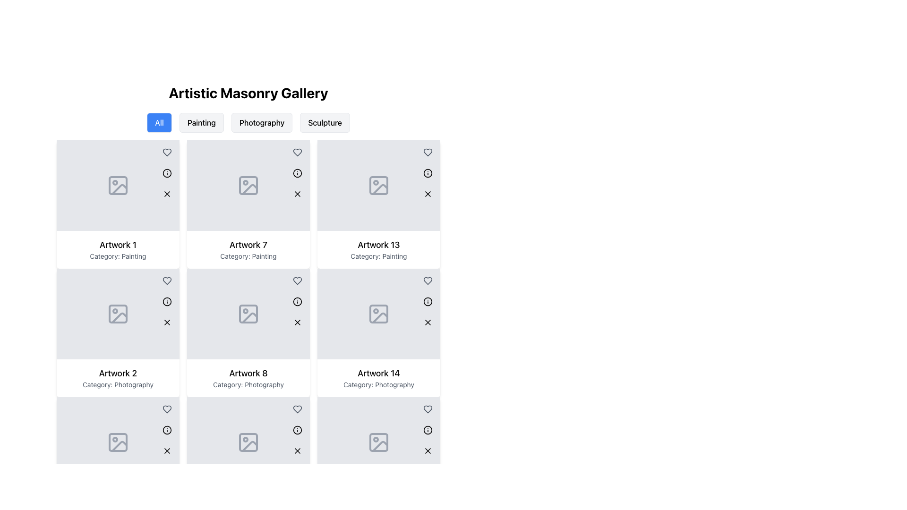 The height and width of the screenshot is (510, 907). What do you see at coordinates (297, 430) in the screenshot?
I see `the tile containing the Interactive Icon Group located in the top-right corner of the 'Artwork 8 Category: Photography' tile` at bounding box center [297, 430].